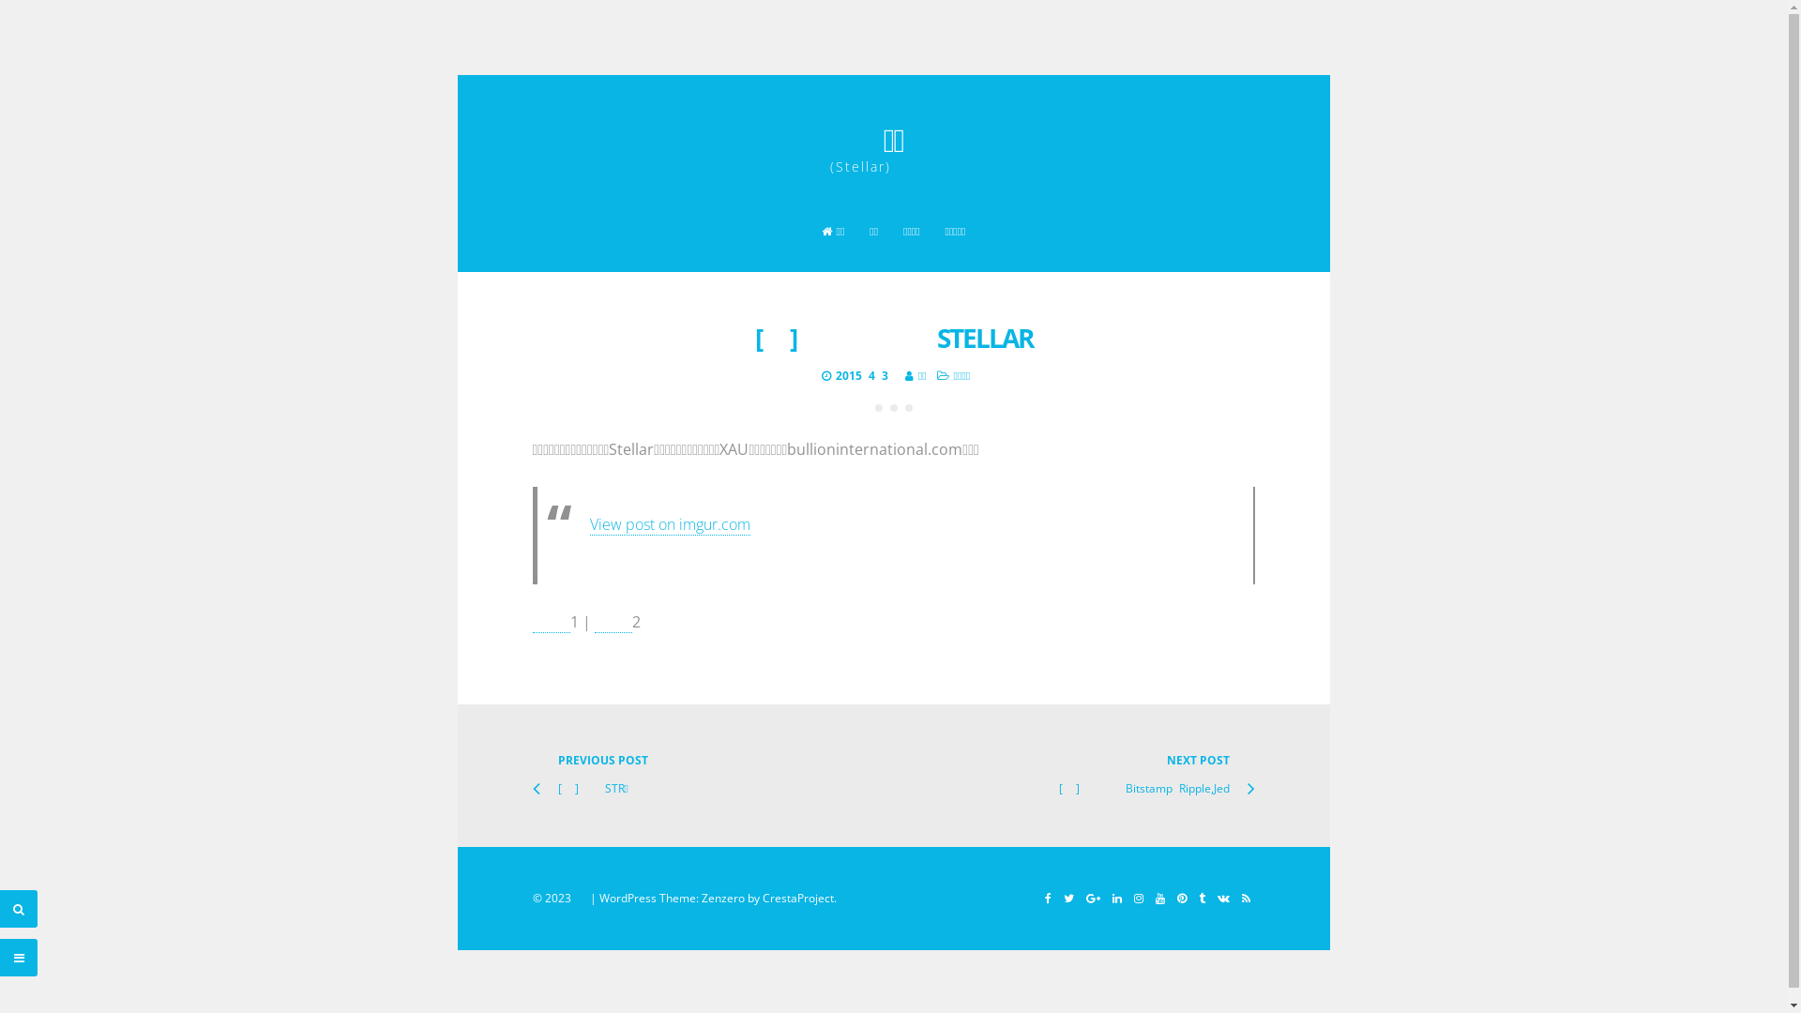 The width and height of the screenshot is (1801, 1013). Describe the element at coordinates (1138, 897) in the screenshot. I see `'Instagram'` at that location.